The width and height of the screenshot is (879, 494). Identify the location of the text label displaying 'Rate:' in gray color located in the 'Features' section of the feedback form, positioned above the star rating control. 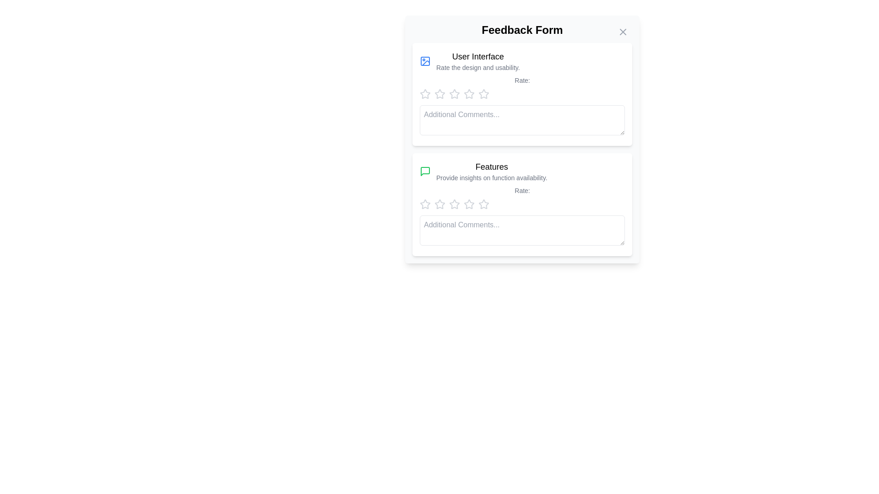
(522, 190).